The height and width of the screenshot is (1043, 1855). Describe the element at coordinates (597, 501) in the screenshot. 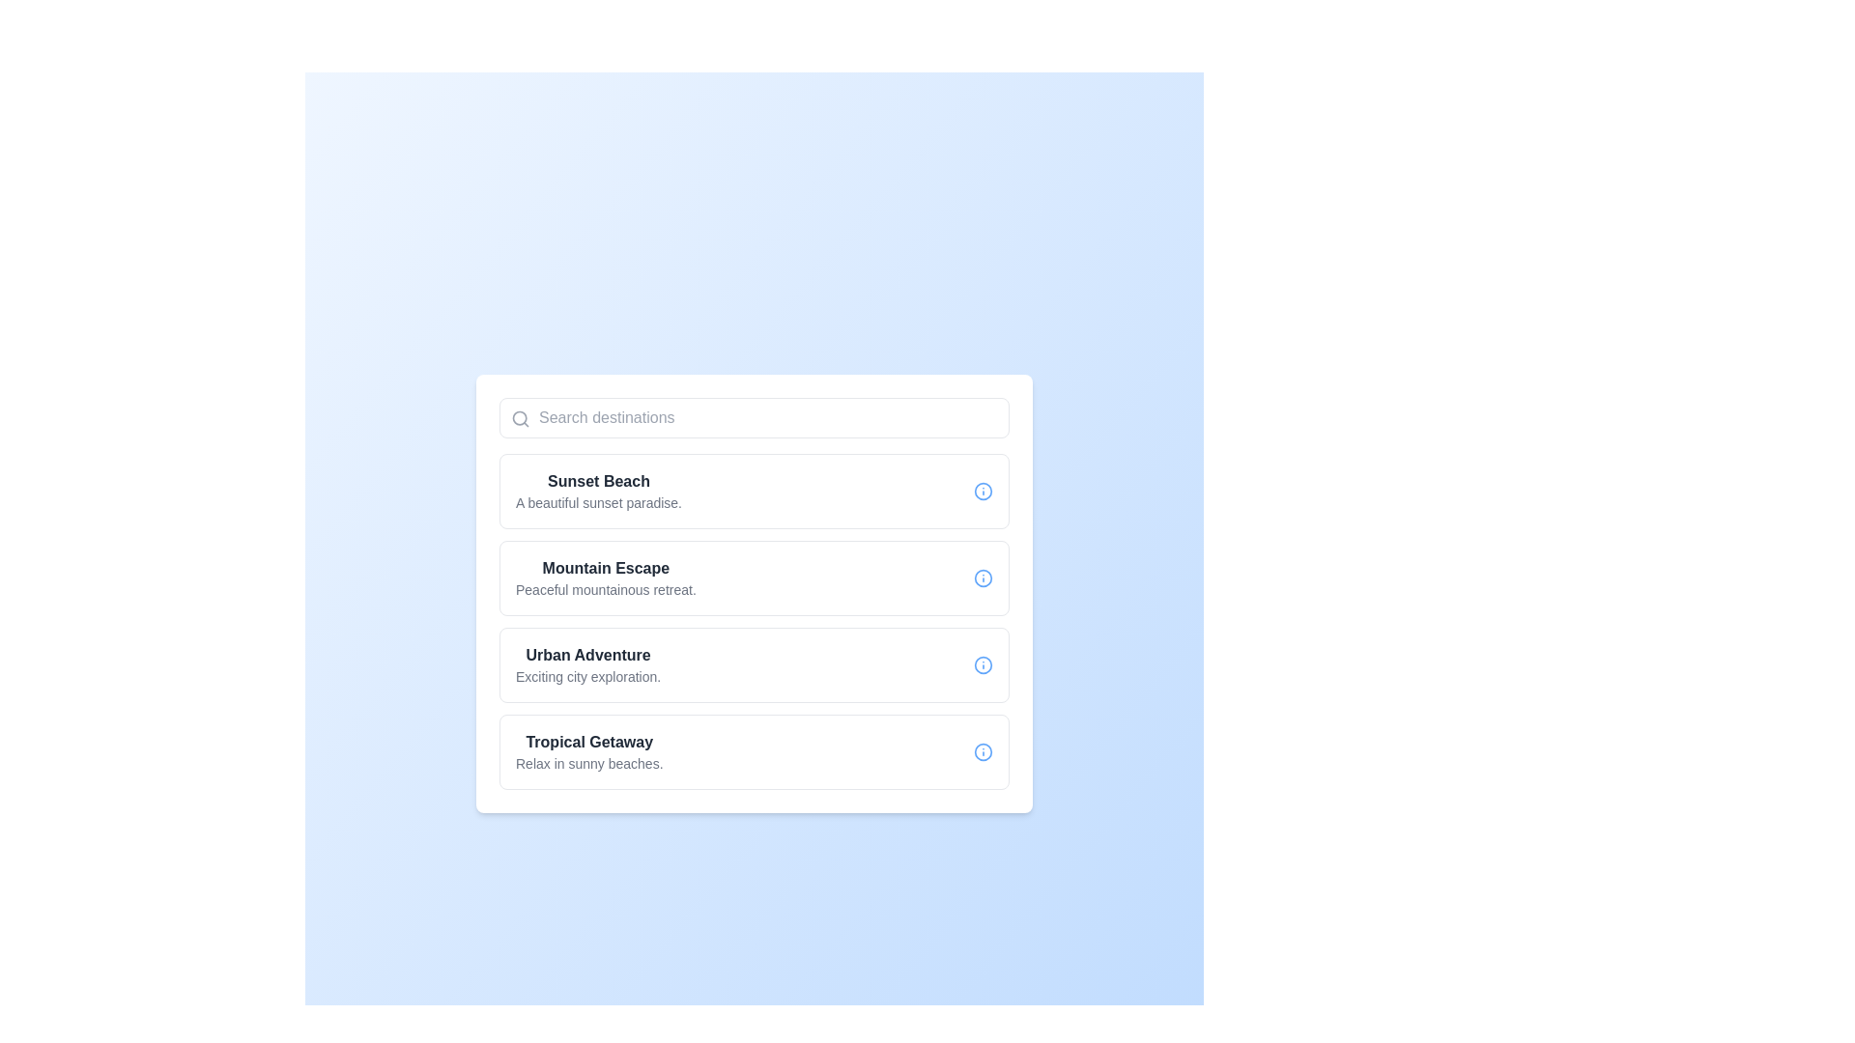

I see `the text element that reads 'A beautiful sunset paradise.' located below 'Sunset Beach' within a white card interface` at that location.